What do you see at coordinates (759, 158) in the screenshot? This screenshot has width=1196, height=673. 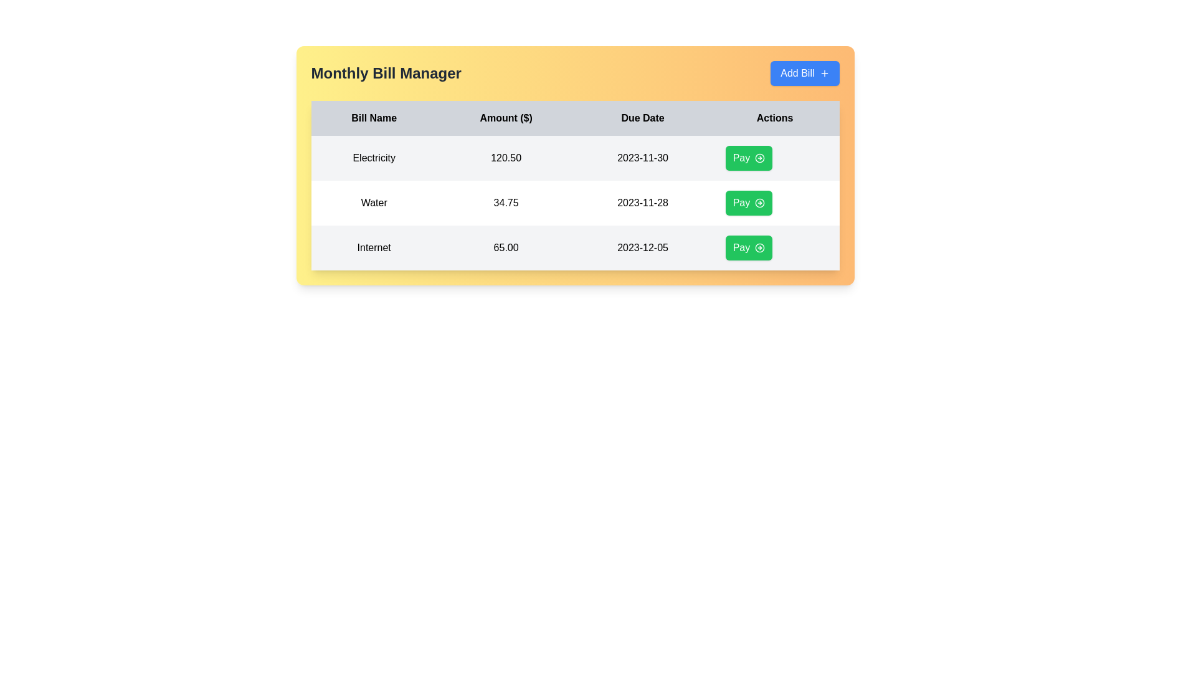 I see `the circular icon with a right-pointing arrow inside the 'Pay' button` at bounding box center [759, 158].